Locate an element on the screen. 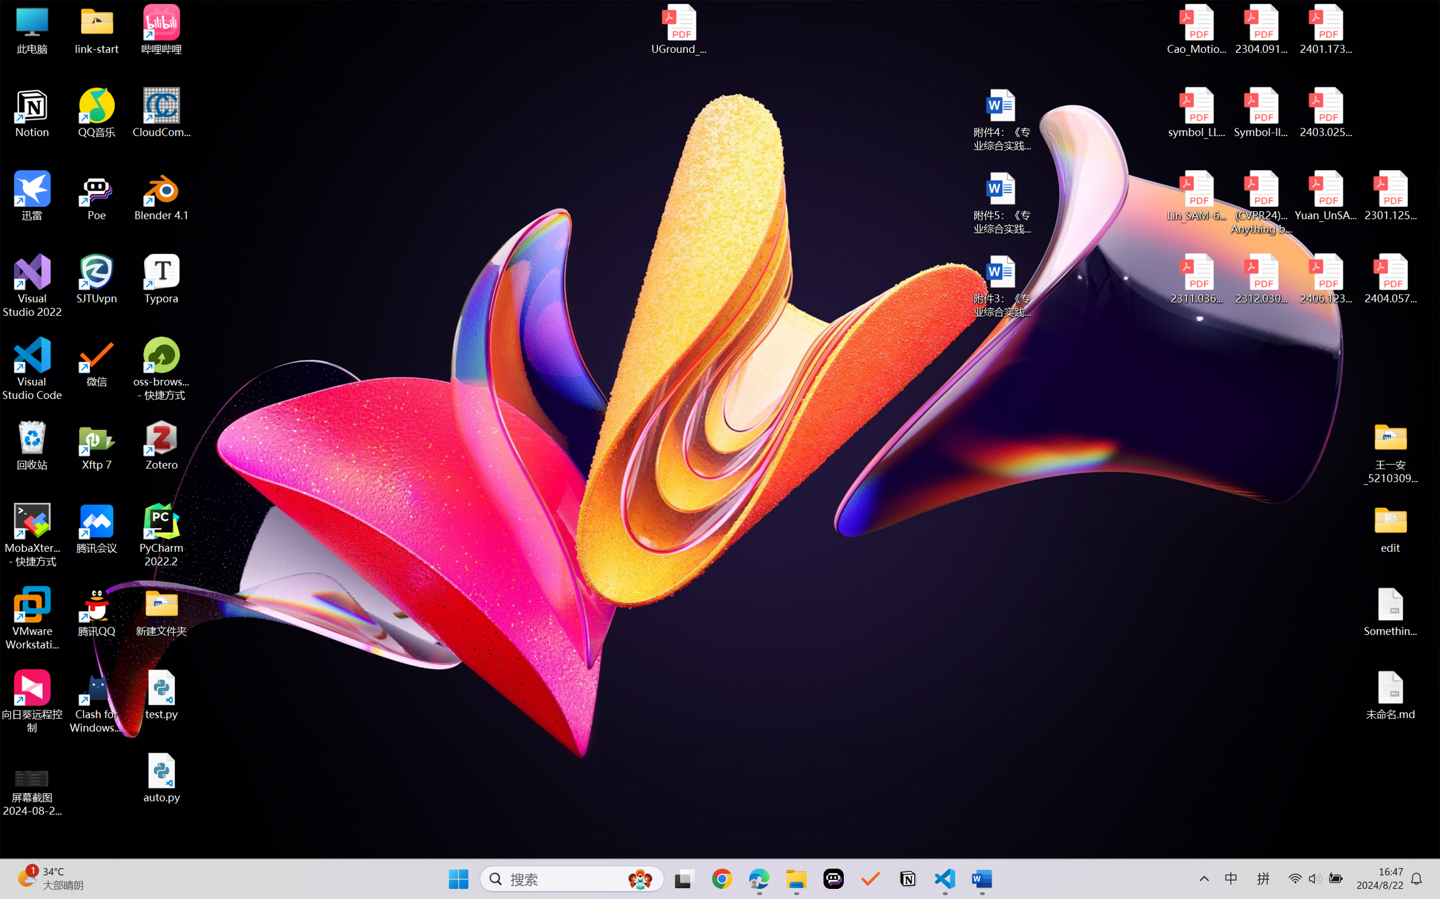  'Blender 4.1' is located at coordinates (161, 195).